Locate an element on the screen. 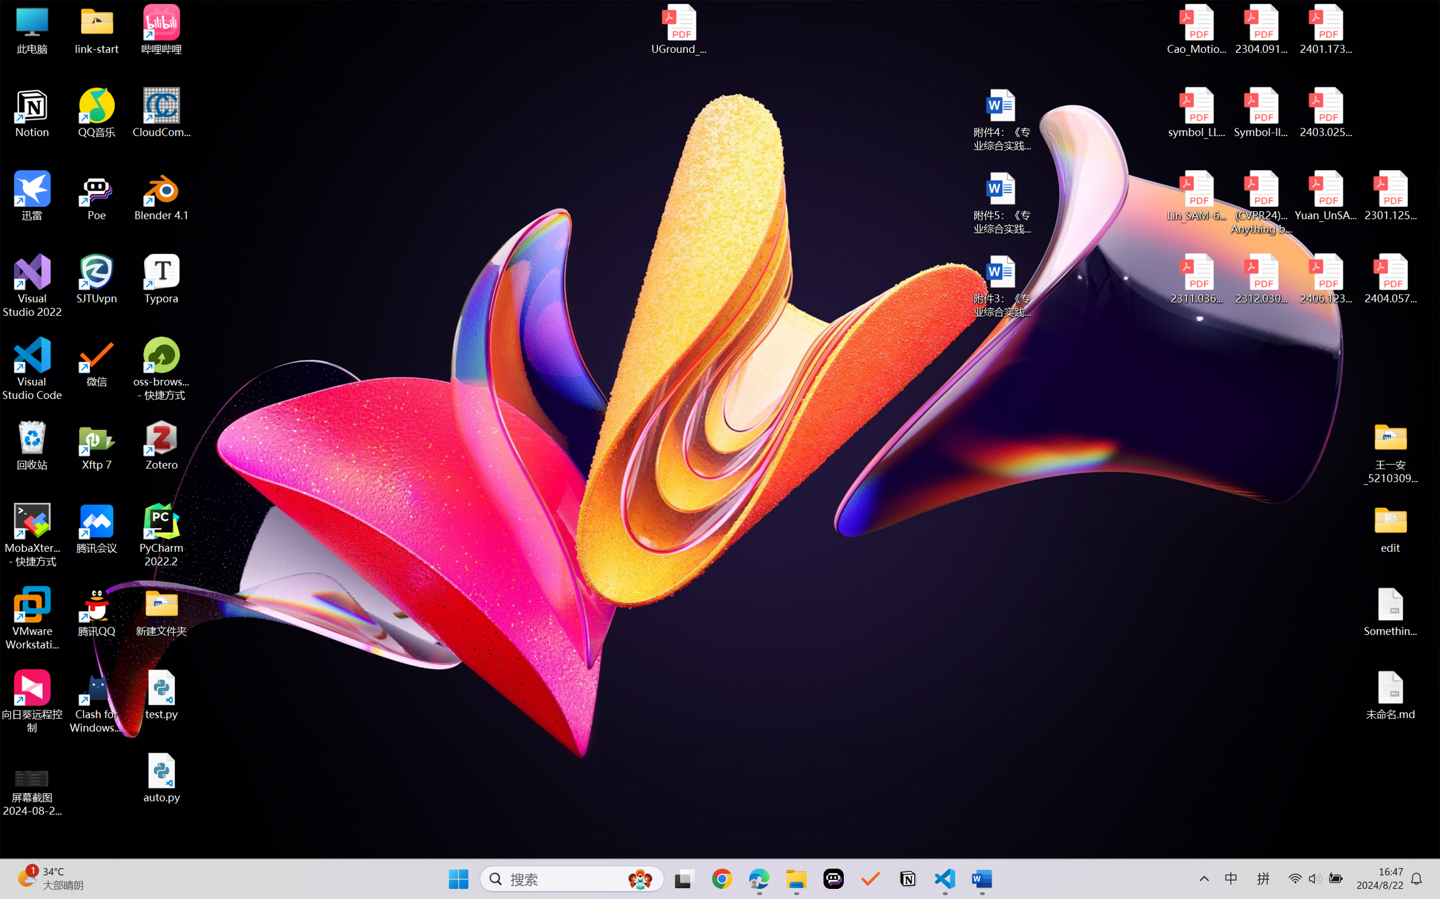  'Blender 4.1' is located at coordinates (161, 195).